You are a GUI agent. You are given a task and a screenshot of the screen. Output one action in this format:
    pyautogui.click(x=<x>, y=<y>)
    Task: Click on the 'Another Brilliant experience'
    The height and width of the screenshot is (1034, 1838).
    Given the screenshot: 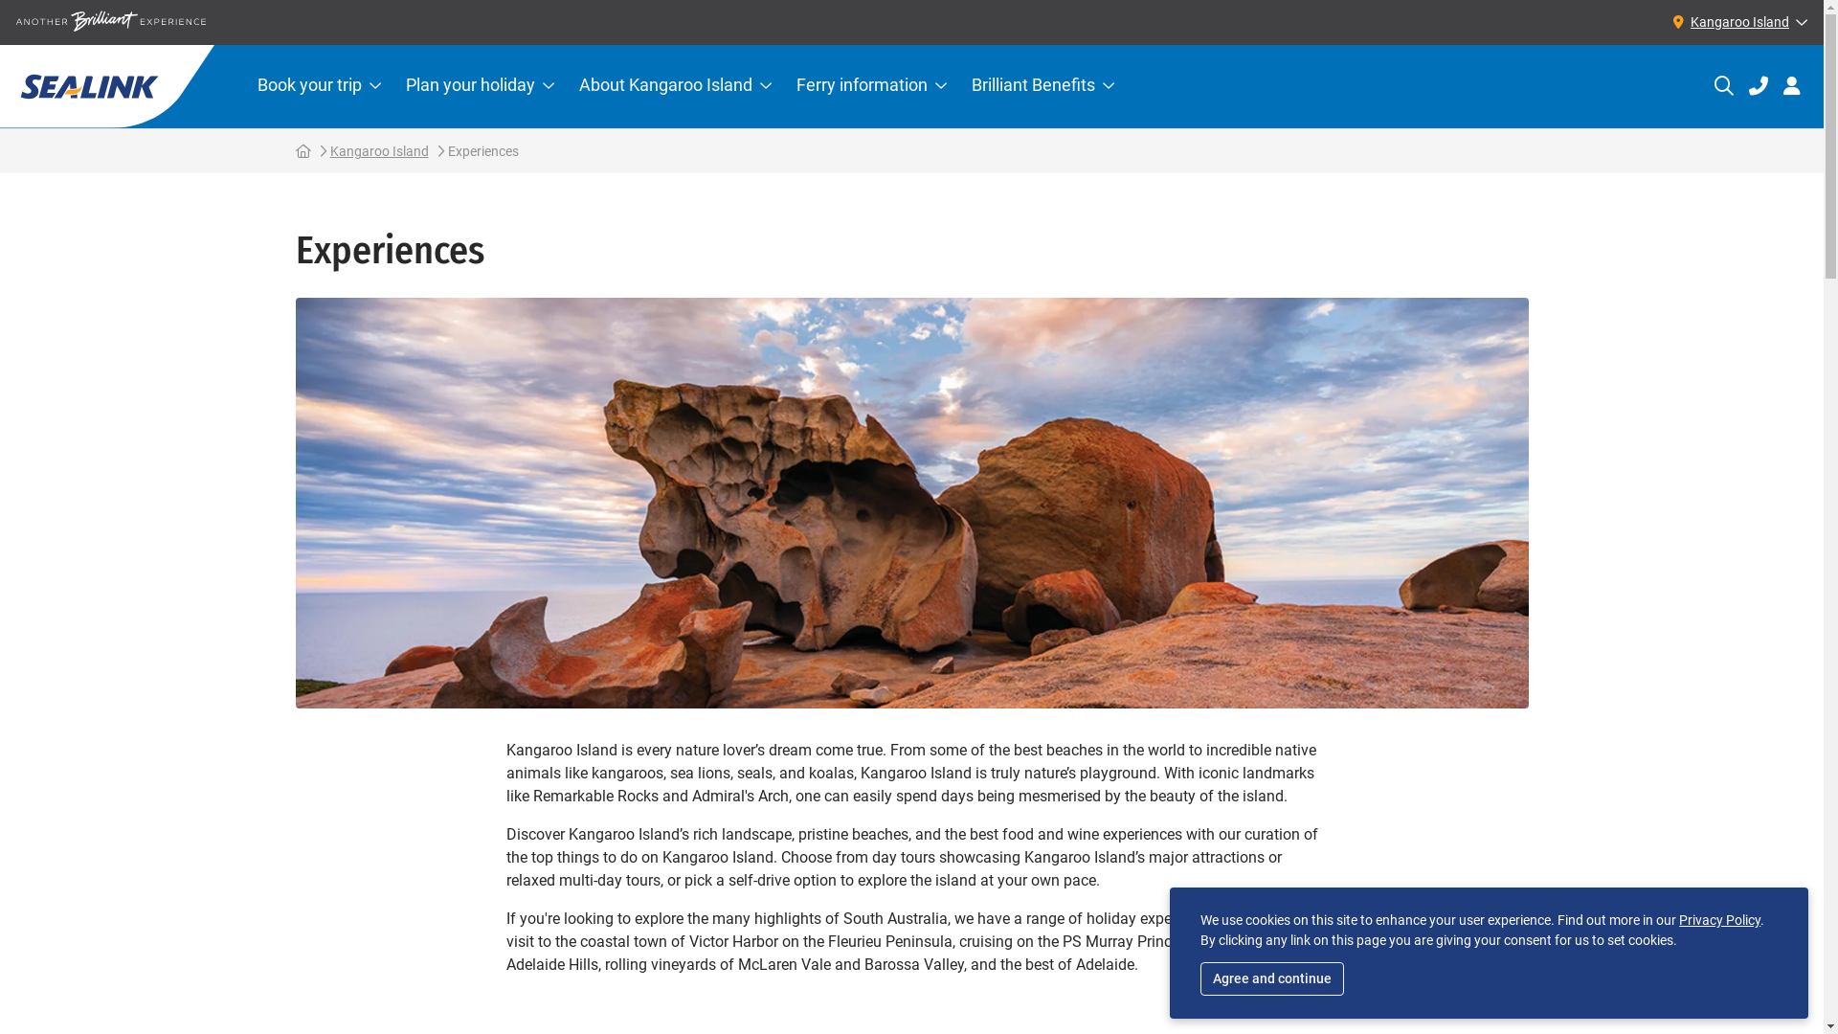 What is the action you would take?
    pyautogui.click(x=109, y=22)
    